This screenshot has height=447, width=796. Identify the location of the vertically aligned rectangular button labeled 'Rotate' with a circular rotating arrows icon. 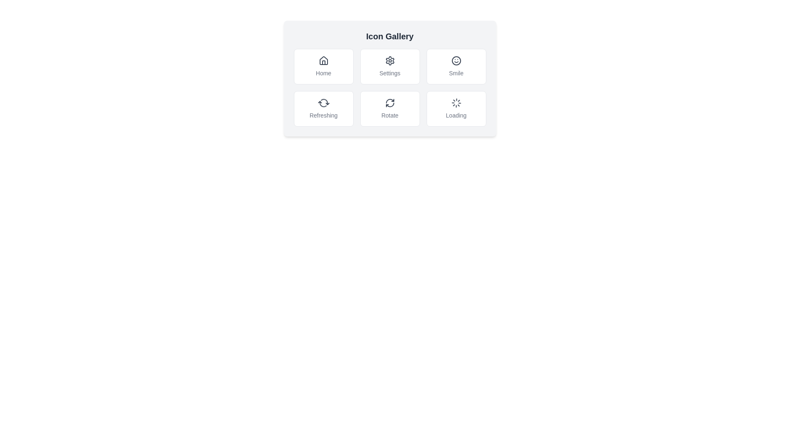
(389, 108).